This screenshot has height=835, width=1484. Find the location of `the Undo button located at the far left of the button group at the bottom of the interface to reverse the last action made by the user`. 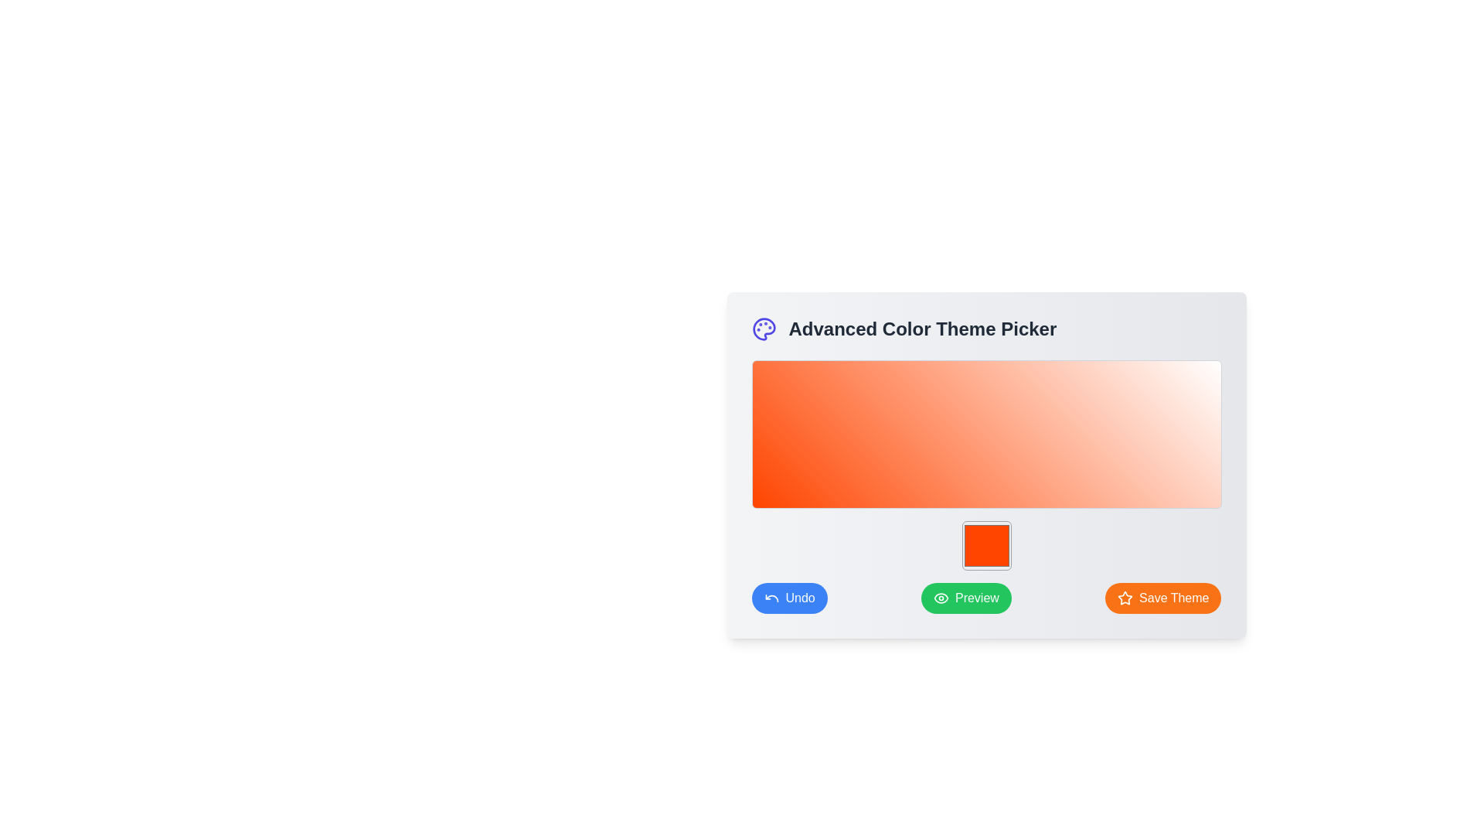

the Undo button located at the far left of the button group at the bottom of the interface to reverse the last action made by the user is located at coordinates (789, 598).